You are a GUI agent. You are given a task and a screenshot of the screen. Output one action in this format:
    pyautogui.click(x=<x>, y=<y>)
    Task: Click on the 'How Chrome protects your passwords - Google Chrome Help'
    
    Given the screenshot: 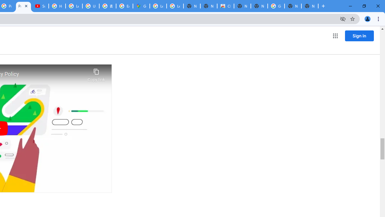 What is the action you would take?
    pyautogui.click(x=57, y=6)
    